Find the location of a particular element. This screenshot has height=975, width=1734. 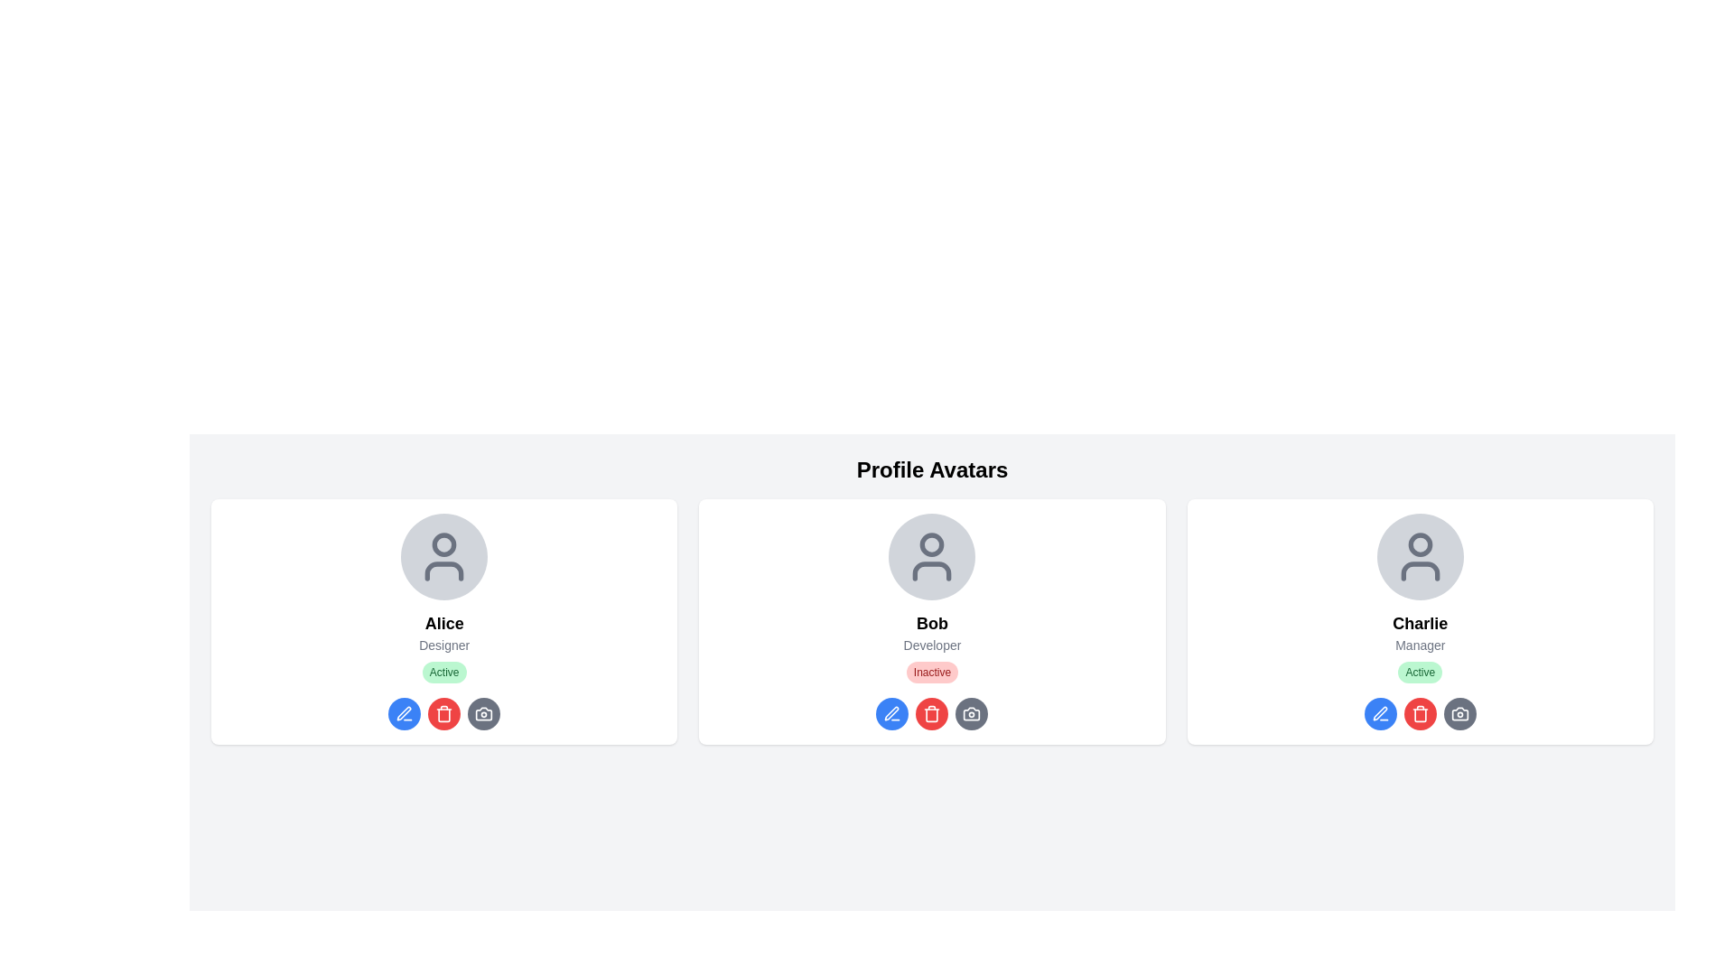

the Profile avatar badge located in the middle of the central profile card, above the name 'Bob' and under the label 'Profile Avatars' is located at coordinates (932, 556).